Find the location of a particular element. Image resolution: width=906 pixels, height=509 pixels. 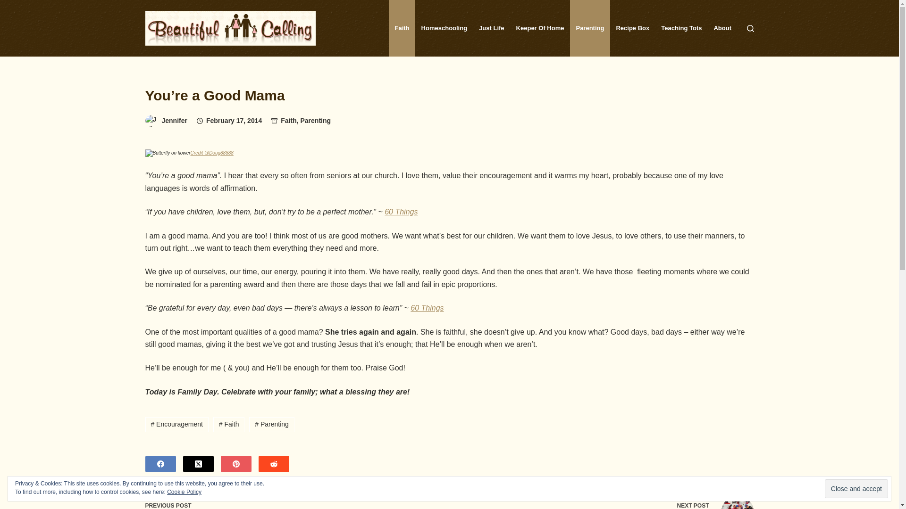

'Close and accept' is located at coordinates (856, 488).